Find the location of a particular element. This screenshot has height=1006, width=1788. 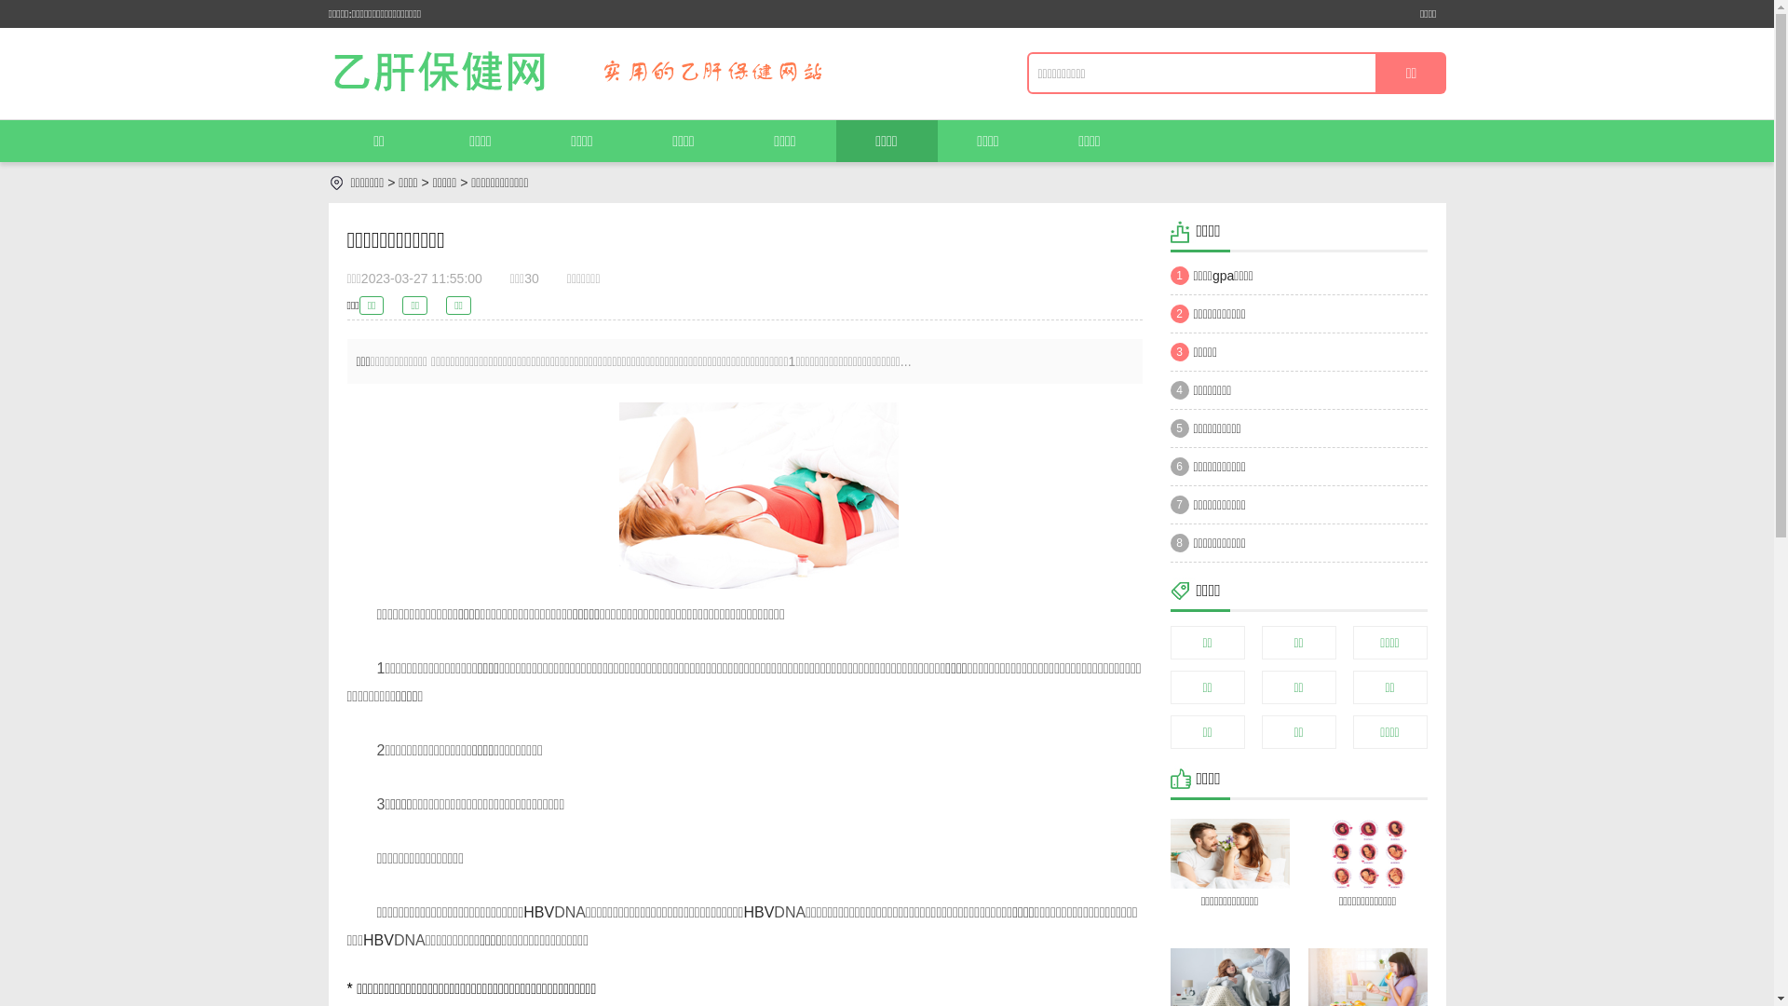

'HBV' is located at coordinates (377, 940).